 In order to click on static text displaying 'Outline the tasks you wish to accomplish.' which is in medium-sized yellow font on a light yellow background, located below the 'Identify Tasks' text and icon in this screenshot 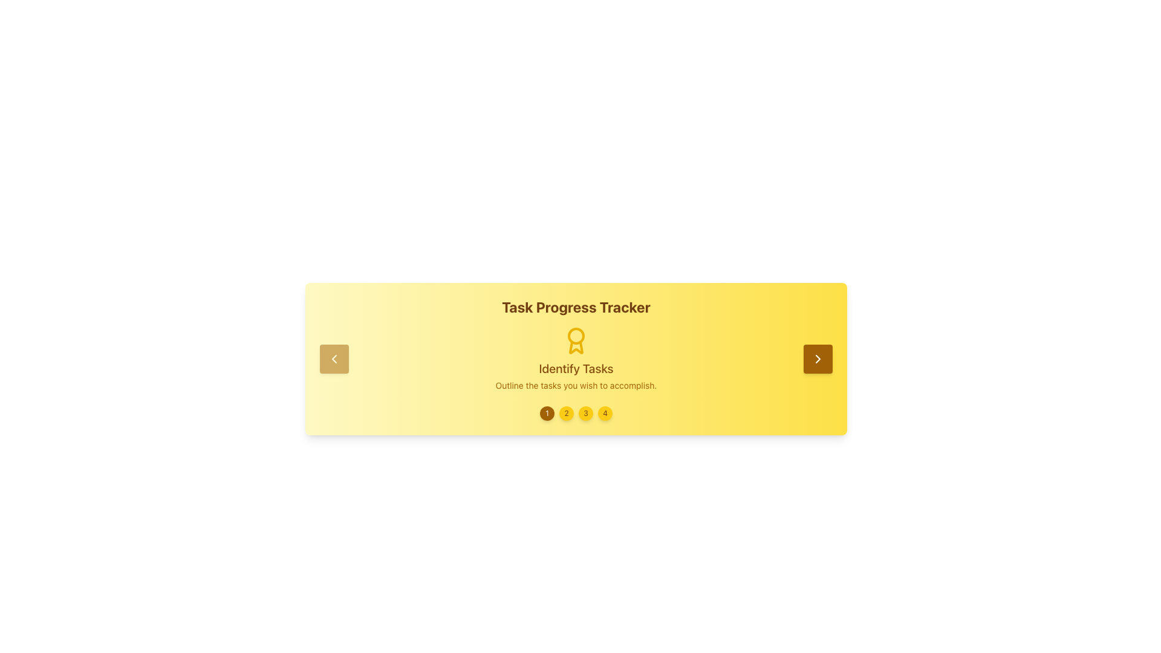, I will do `click(576, 385)`.